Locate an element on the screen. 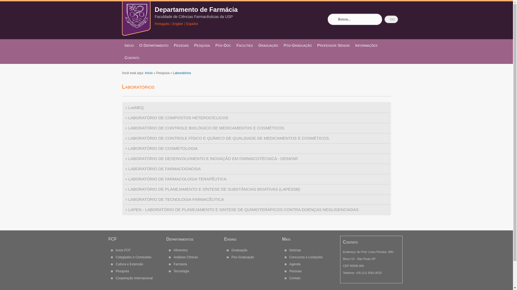  'Contato' is located at coordinates (294, 278).